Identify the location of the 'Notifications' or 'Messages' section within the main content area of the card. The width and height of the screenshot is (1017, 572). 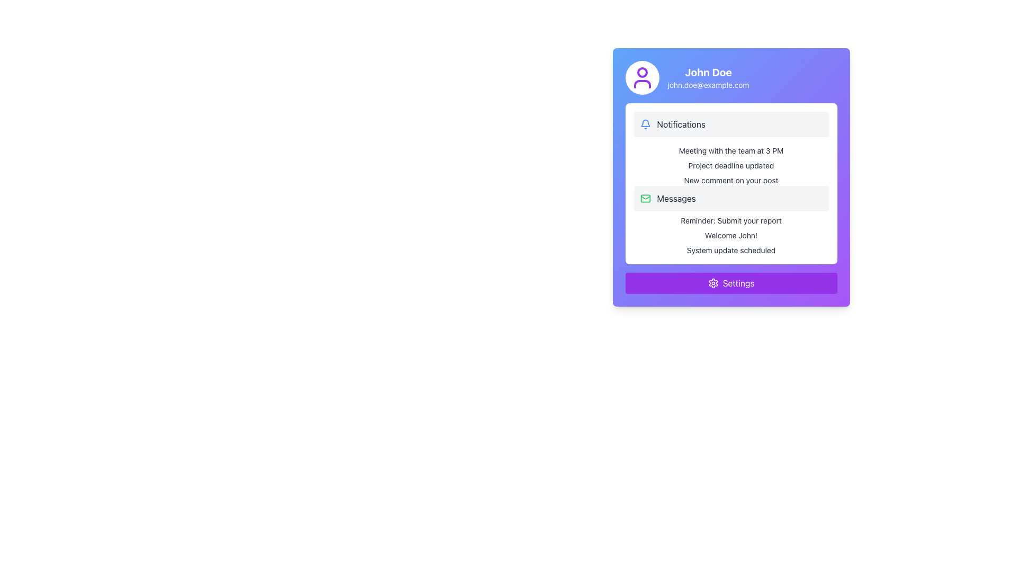
(730, 183).